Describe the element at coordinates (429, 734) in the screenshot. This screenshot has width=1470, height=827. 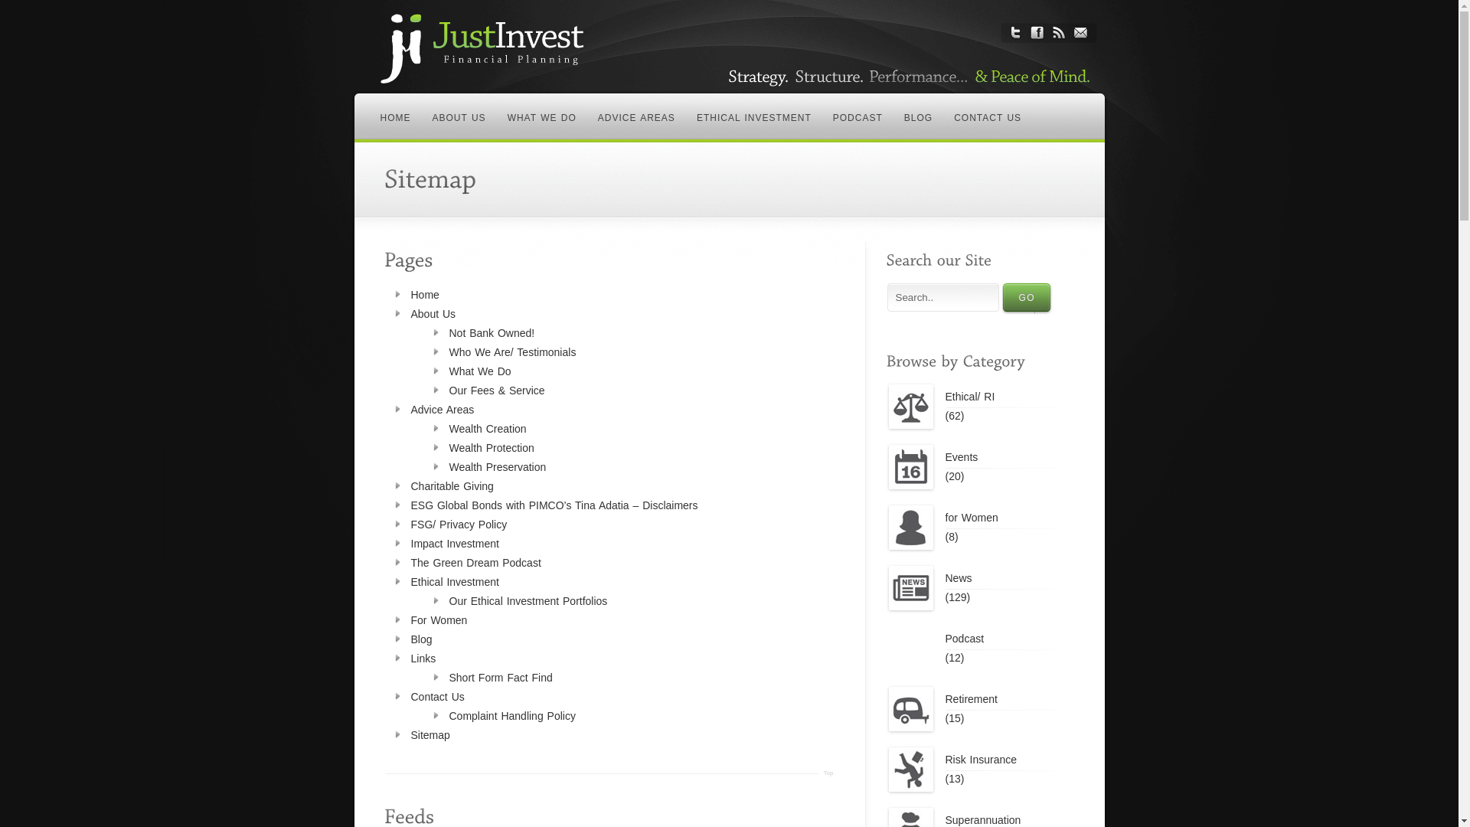
I see `'Sitemap'` at that location.